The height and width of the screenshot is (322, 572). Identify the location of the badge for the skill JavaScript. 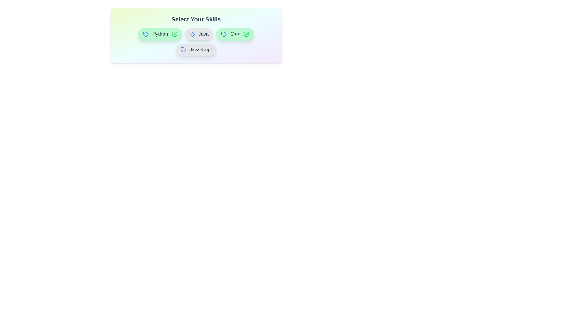
(196, 49).